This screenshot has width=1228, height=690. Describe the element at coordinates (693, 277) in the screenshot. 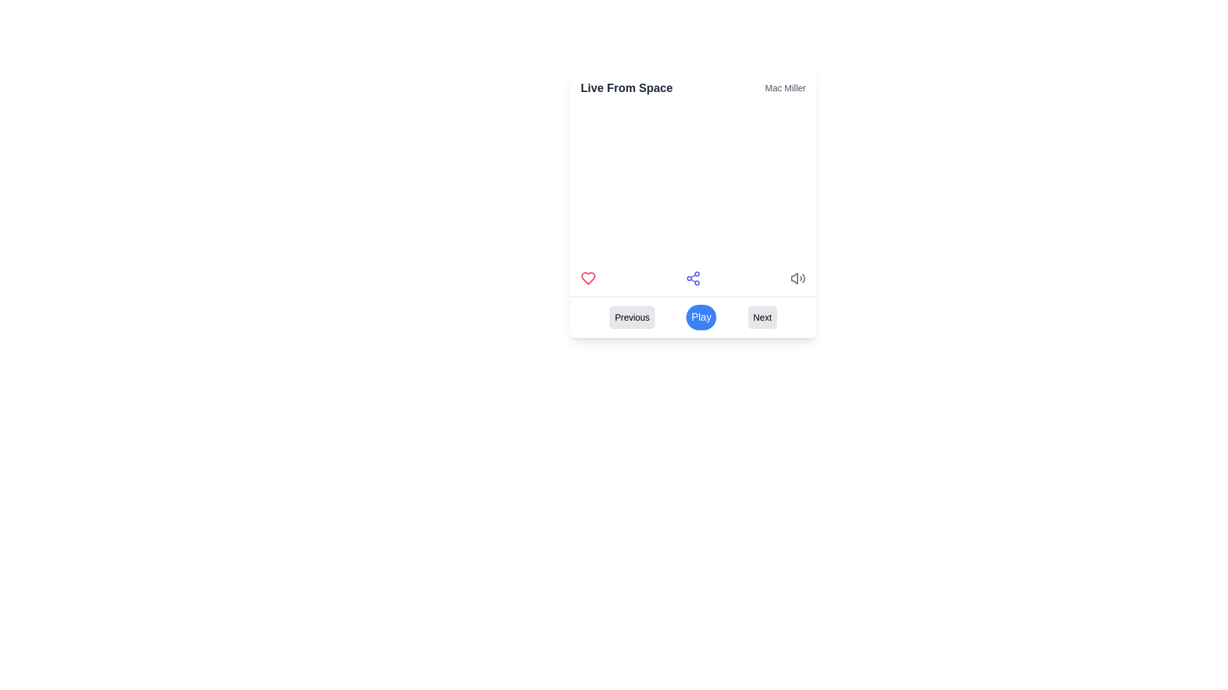

I see `the blueish-purple share icon located at the bottom part of the card interface` at that location.